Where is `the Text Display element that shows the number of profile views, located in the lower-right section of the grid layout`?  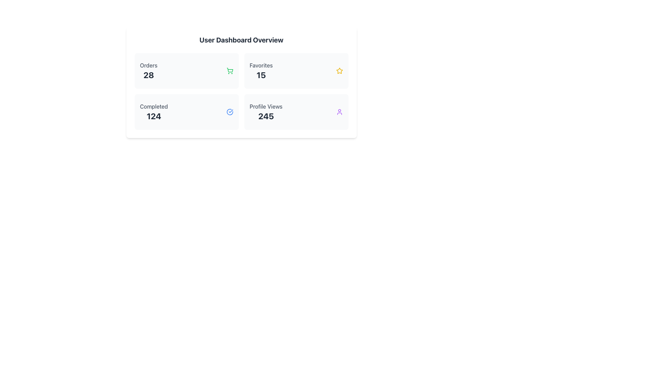 the Text Display element that shows the number of profile views, located in the lower-right section of the grid layout is located at coordinates (266, 112).